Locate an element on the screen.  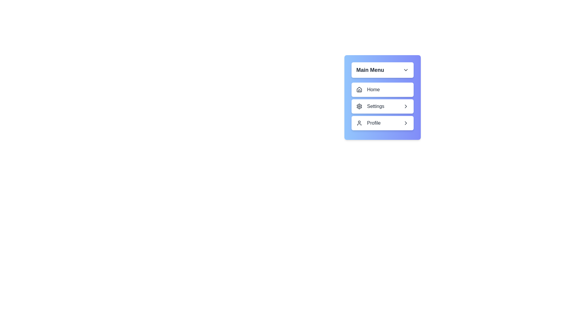
the submenu option View Profile under the menu item Profile is located at coordinates (382, 123).